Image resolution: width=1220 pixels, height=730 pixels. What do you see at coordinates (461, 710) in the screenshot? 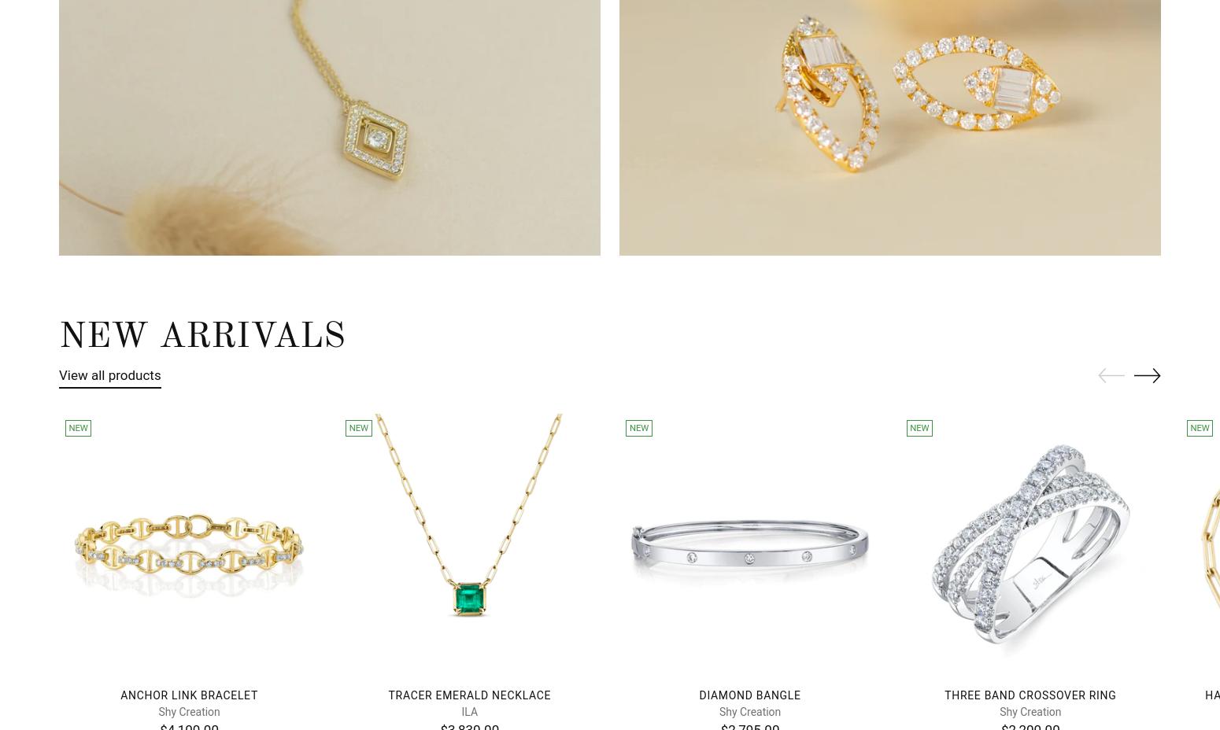
I see `'ILA'` at bounding box center [461, 710].